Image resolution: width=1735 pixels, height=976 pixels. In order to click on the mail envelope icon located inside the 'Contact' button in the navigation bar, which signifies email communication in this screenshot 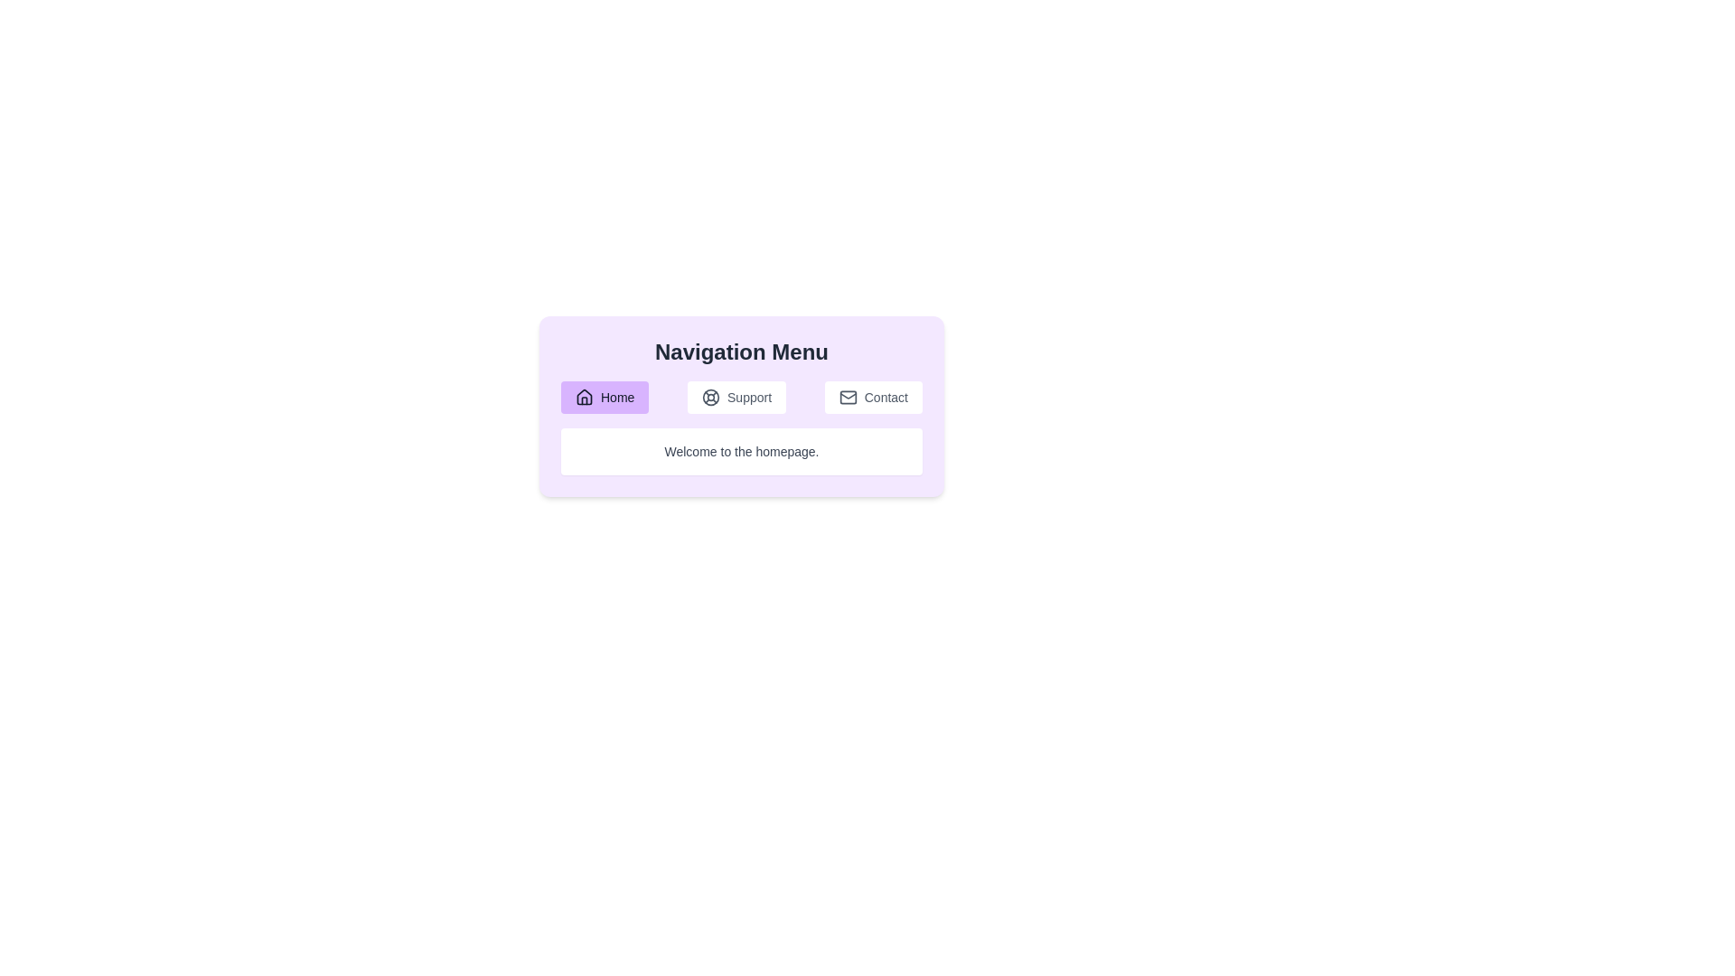, I will do `click(847, 396)`.